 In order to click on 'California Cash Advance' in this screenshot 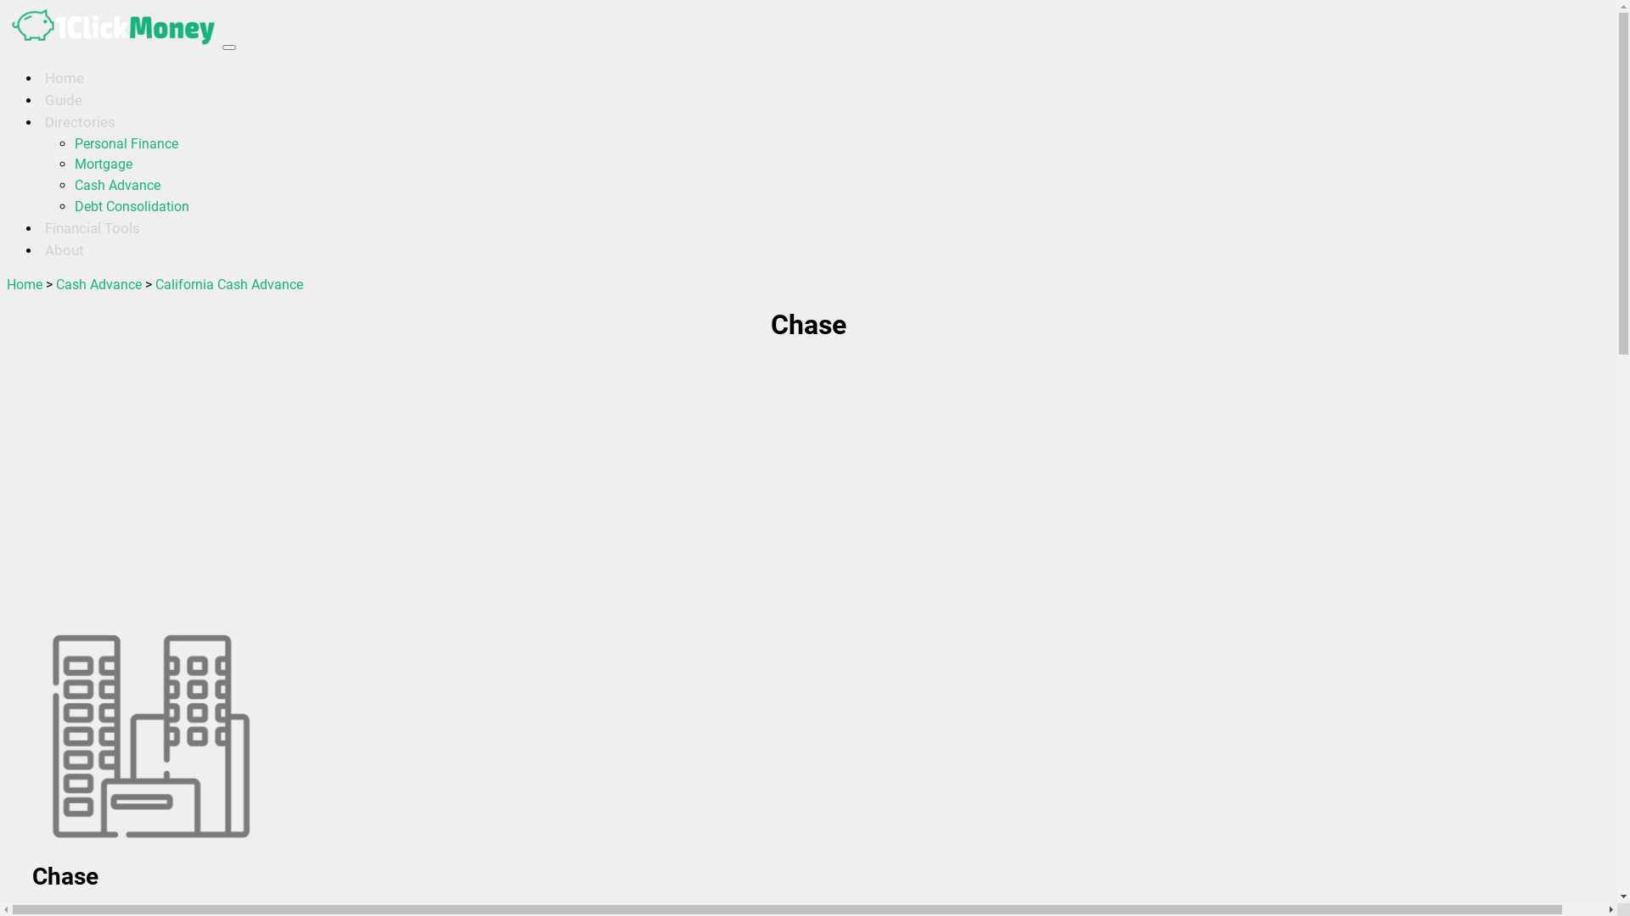, I will do `click(155, 283)`.